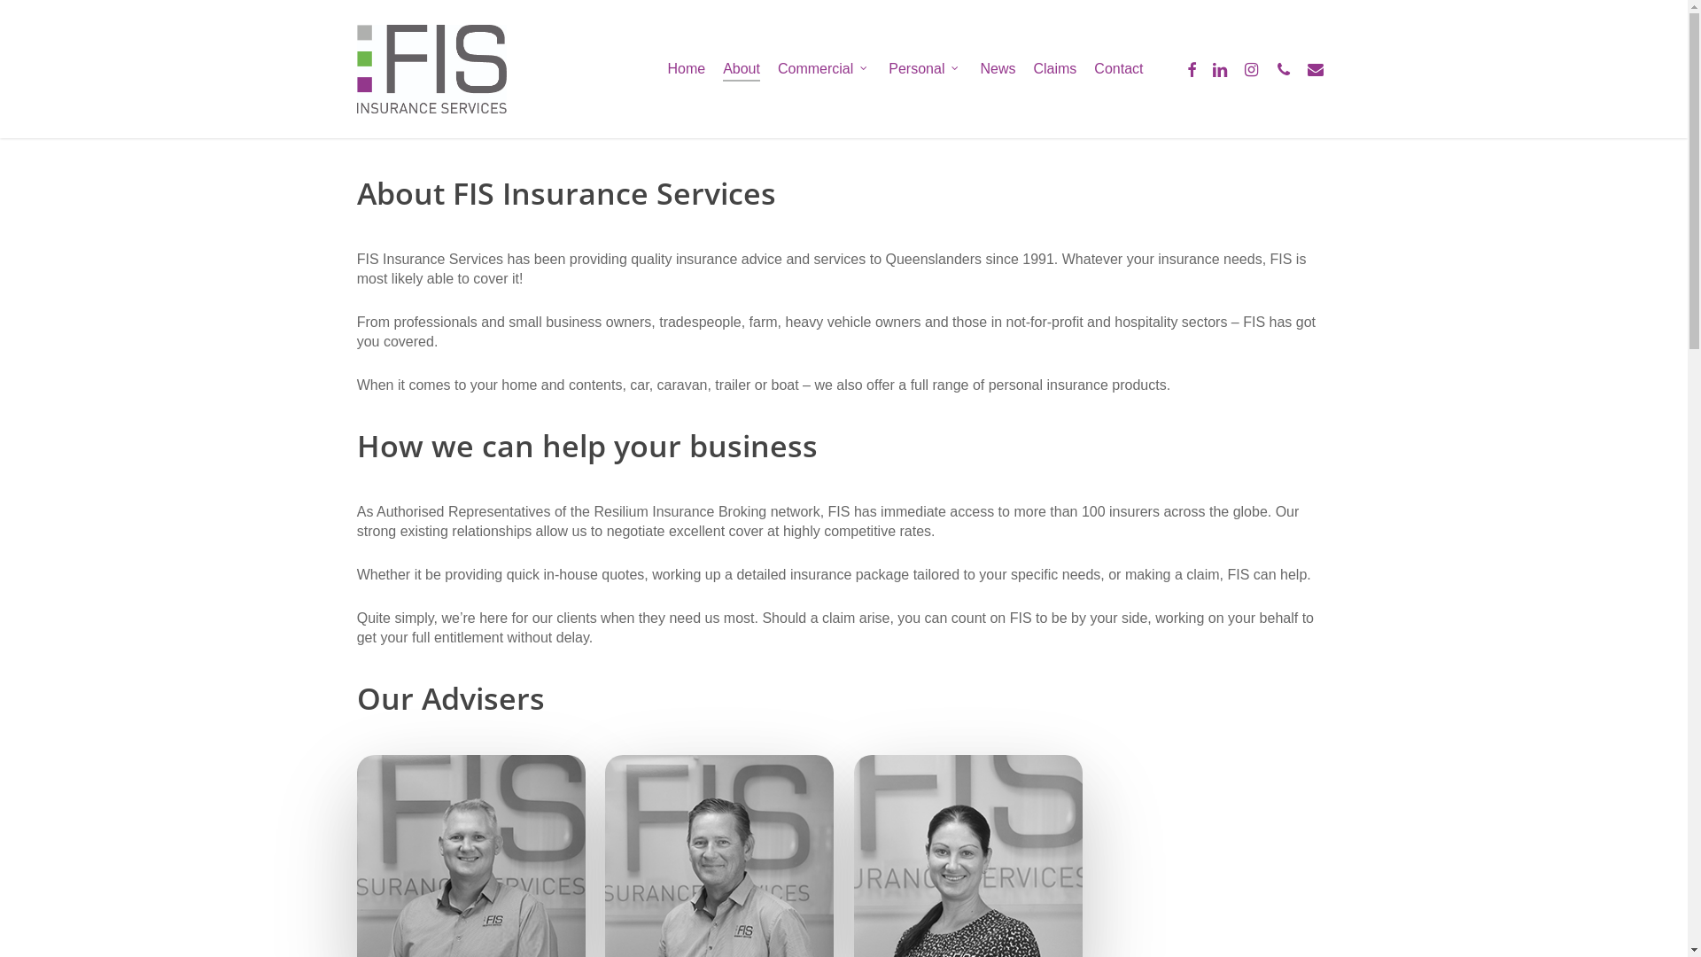 The height and width of the screenshot is (957, 1701). I want to click on 'Commercial', so click(823, 67).